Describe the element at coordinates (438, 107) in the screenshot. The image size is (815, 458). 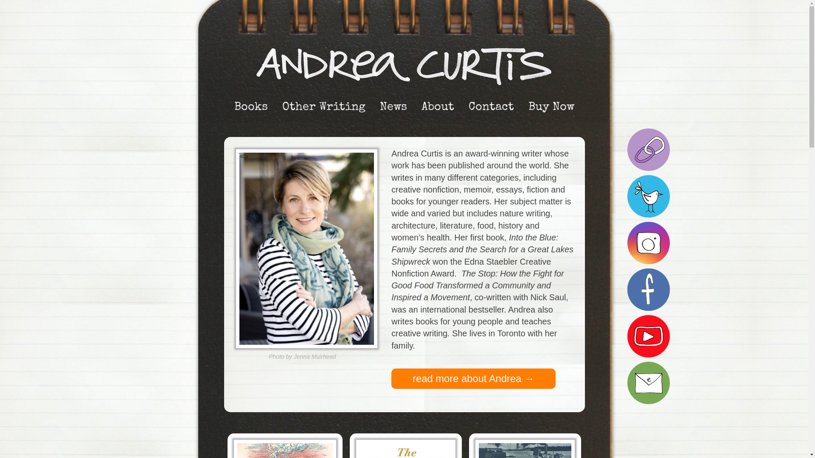
I see `'About'` at that location.